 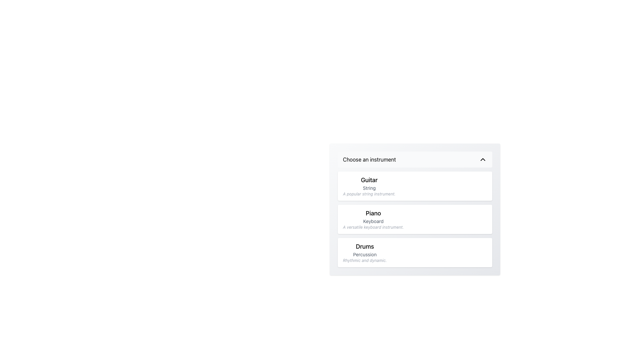 I want to click on the second item in the 'Choose an instrument' selection box, which is the option for 'Piano', so click(x=373, y=219).